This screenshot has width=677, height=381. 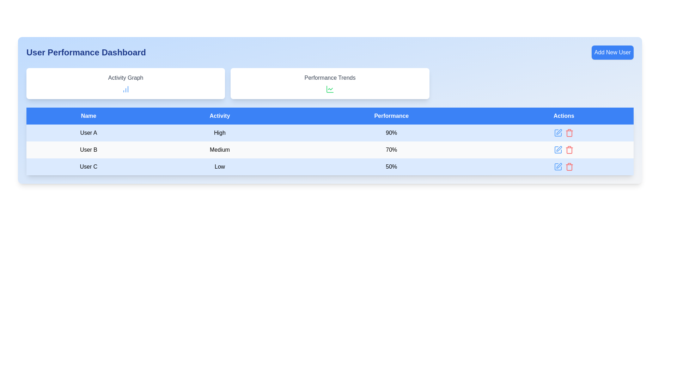 What do you see at coordinates (558, 167) in the screenshot?
I see `the edit icon in the 'Actions' column of the table for 'User C'` at bounding box center [558, 167].